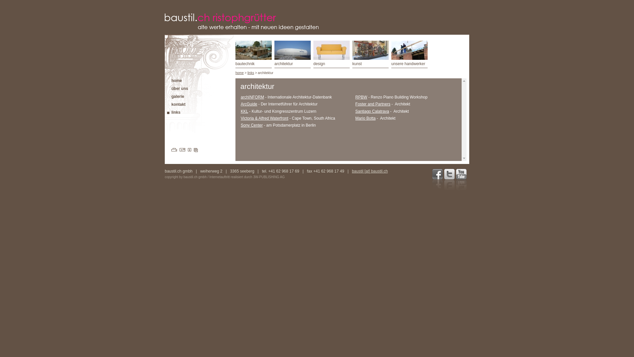 This screenshot has width=634, height=357. Describe the element at coordinates (361, 97) in the screenshot. I see `'RPBW'` at that location.